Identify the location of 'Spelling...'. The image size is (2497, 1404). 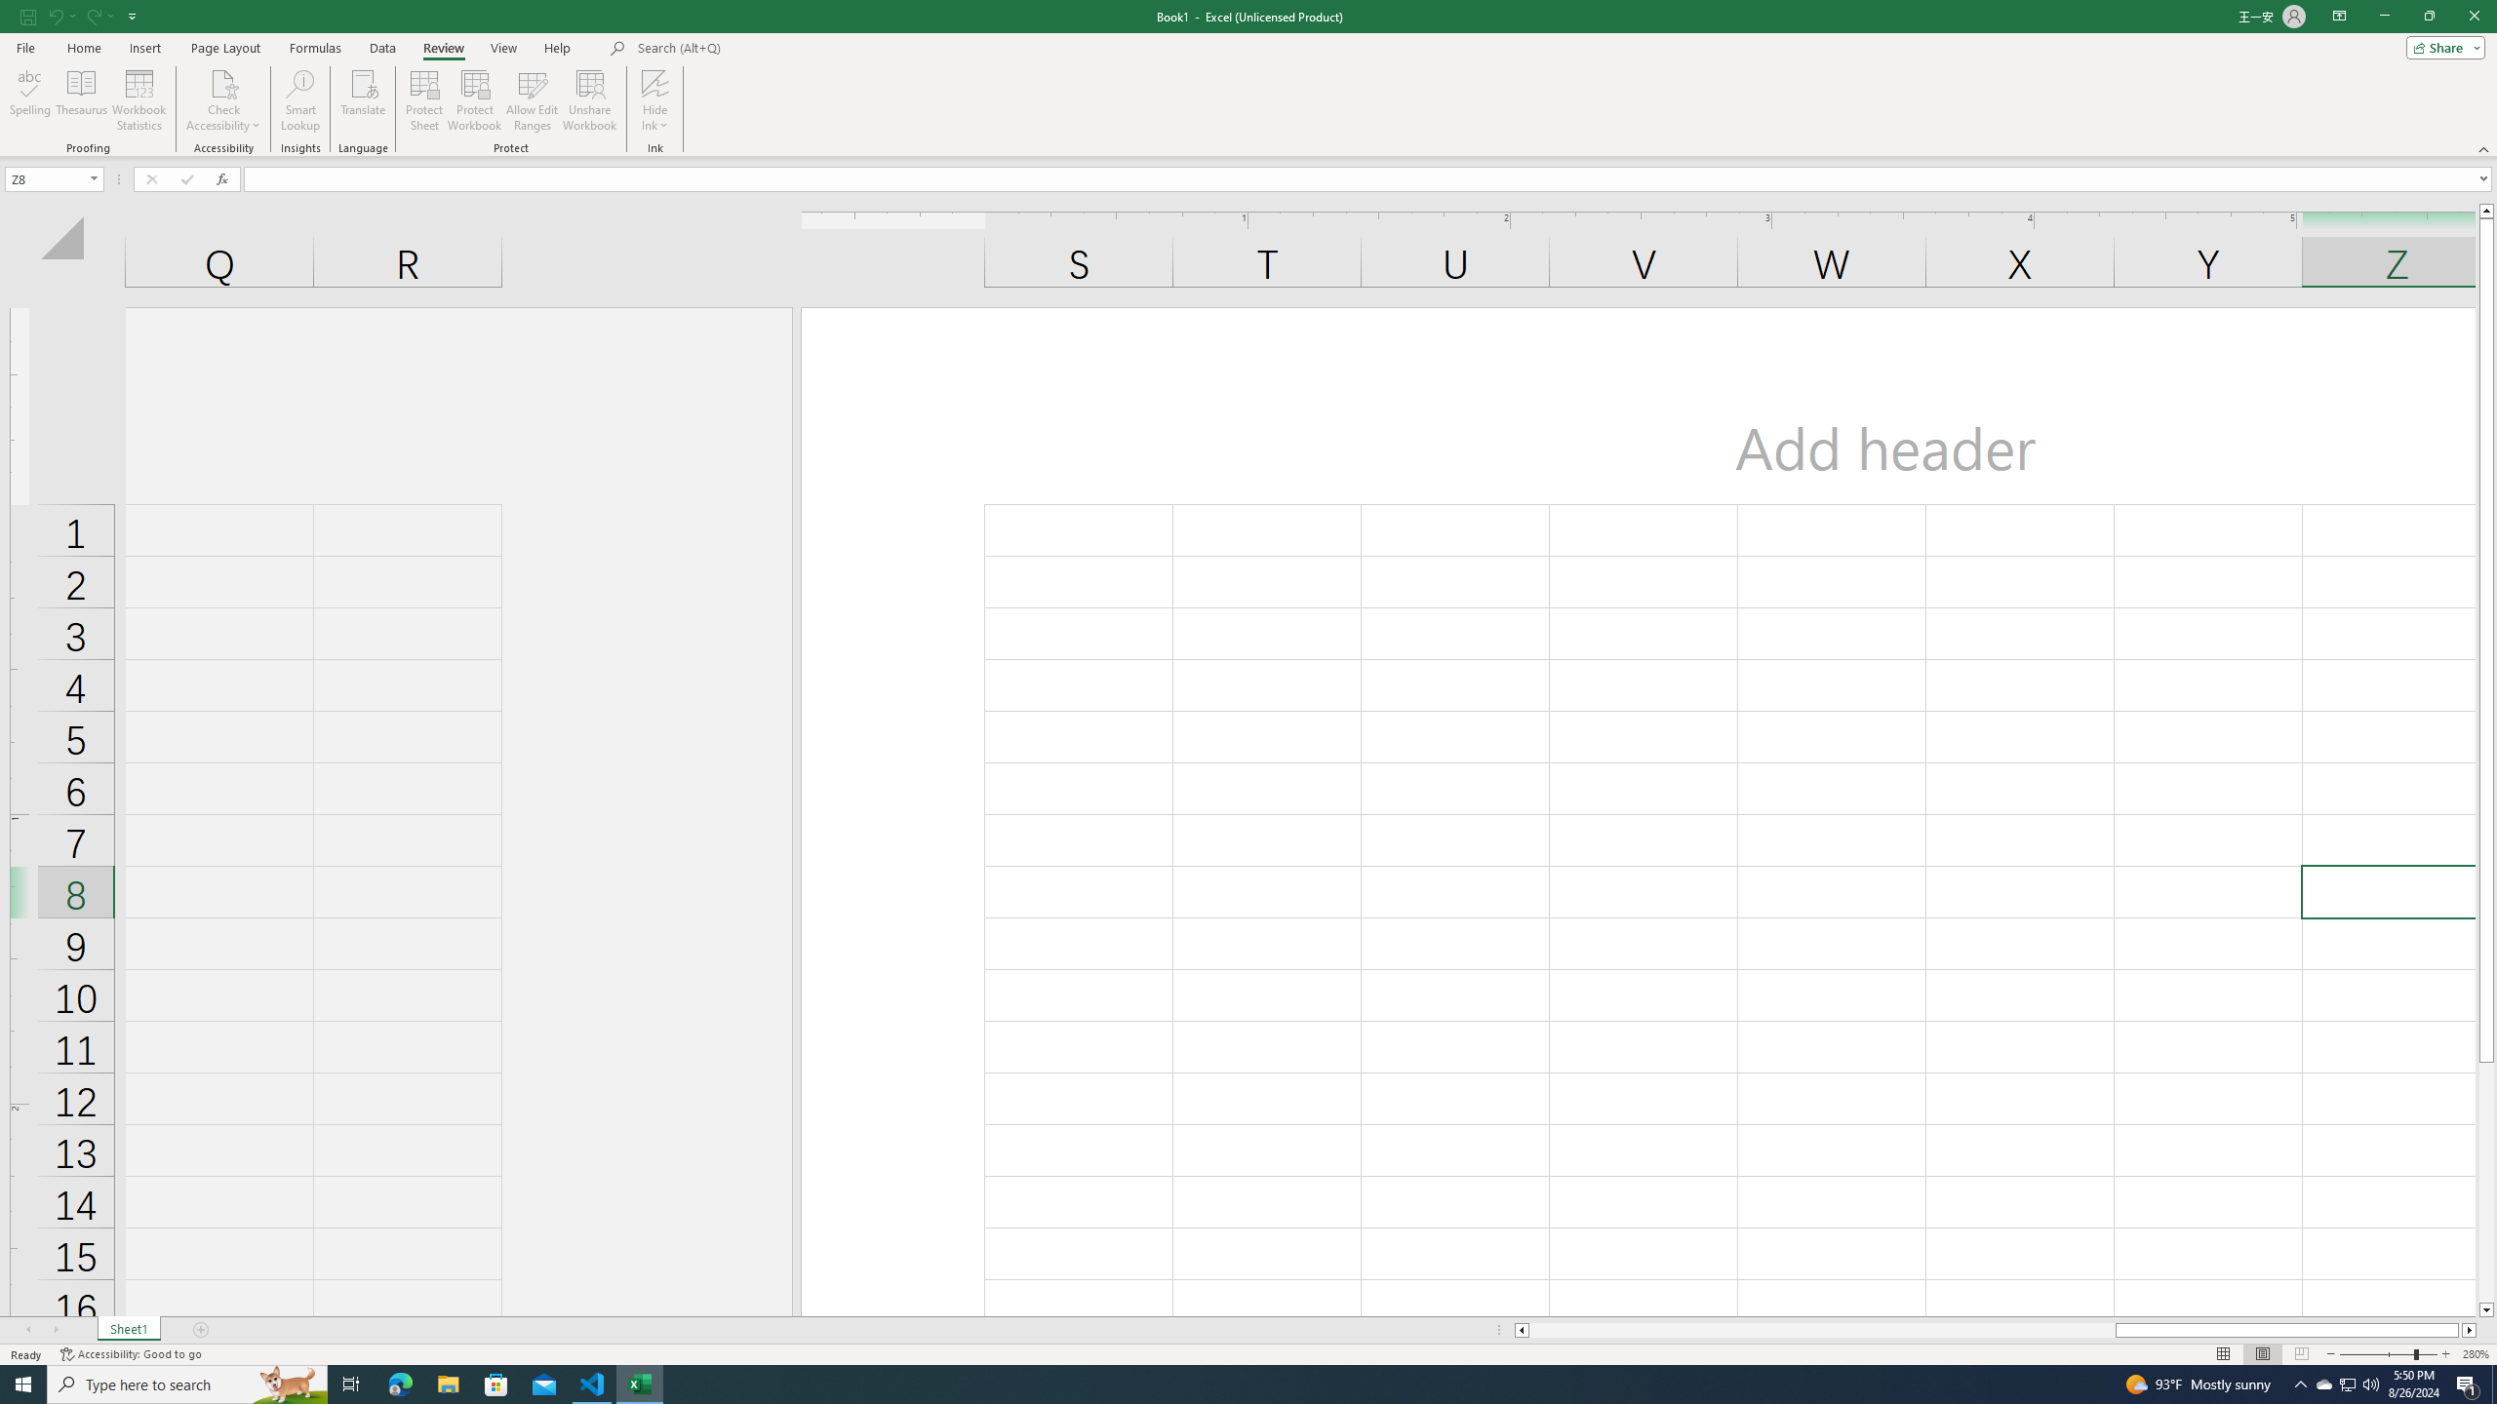
(28, 100).